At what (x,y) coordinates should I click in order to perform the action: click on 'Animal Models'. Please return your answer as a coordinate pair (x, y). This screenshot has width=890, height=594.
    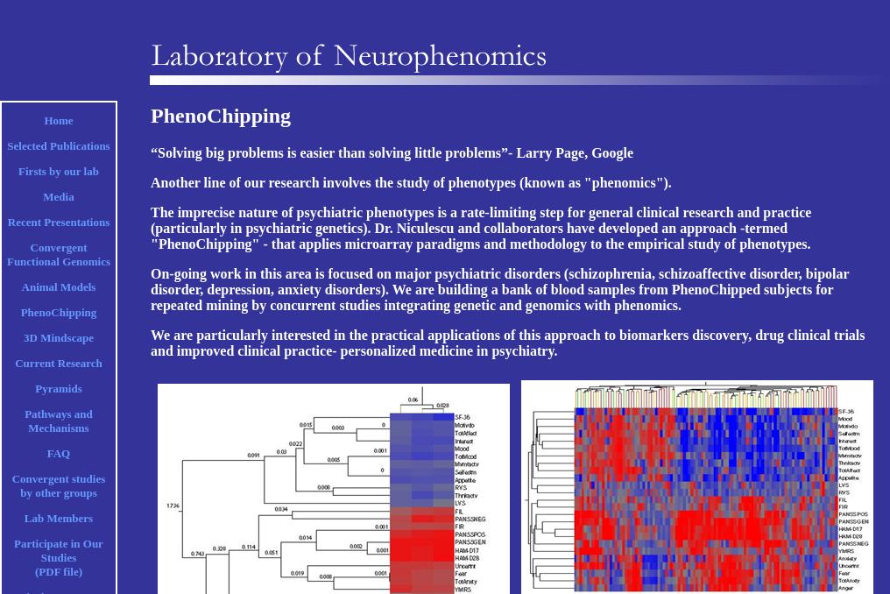
    Looking at the image, I should click on (58, 286).